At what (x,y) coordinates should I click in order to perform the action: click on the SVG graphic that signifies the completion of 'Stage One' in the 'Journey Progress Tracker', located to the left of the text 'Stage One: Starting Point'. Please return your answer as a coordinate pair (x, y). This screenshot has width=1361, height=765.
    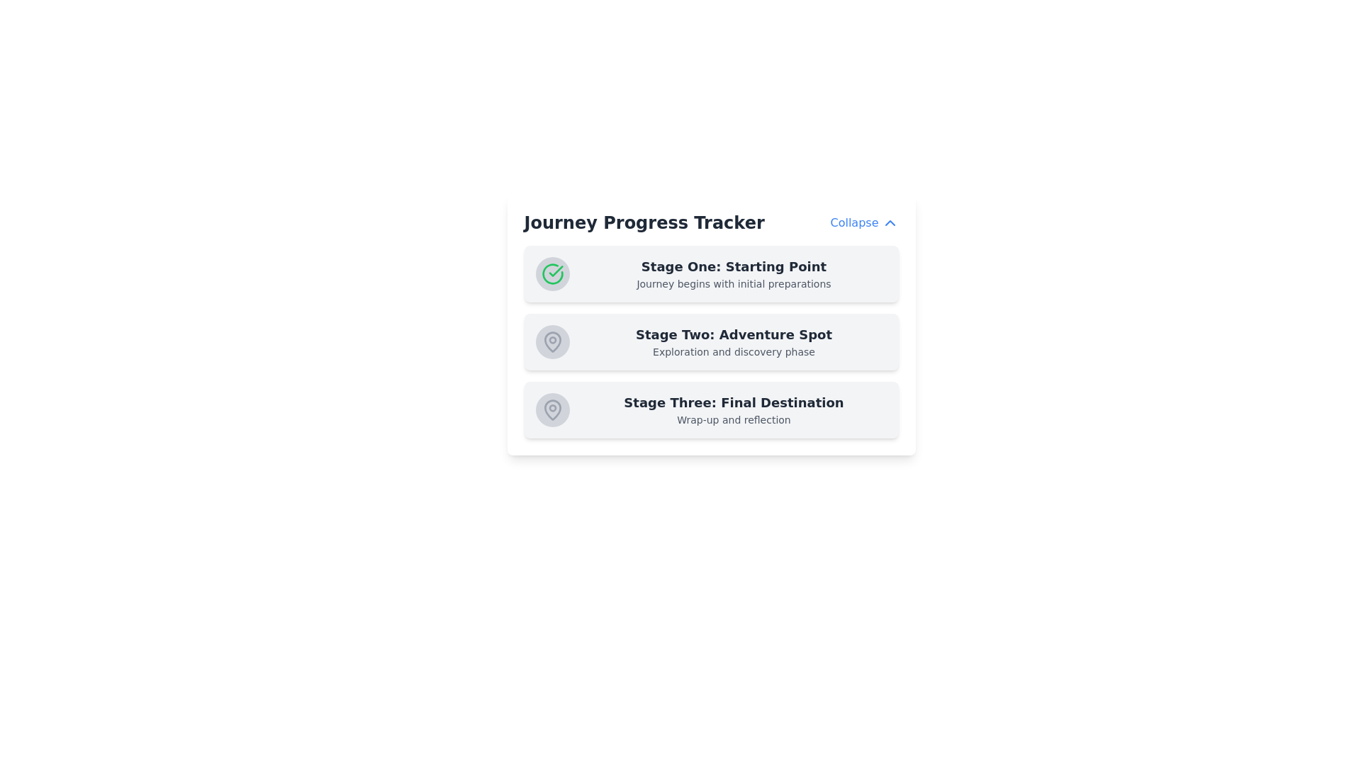
    Looking at the image, I should click on (551, 273).